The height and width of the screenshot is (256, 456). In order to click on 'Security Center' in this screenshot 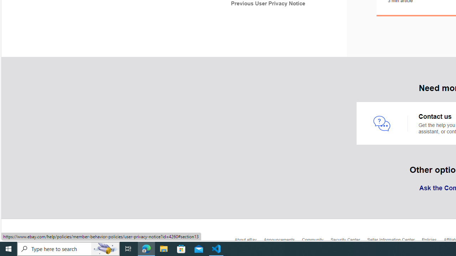, I will do `click(348, 241)`.